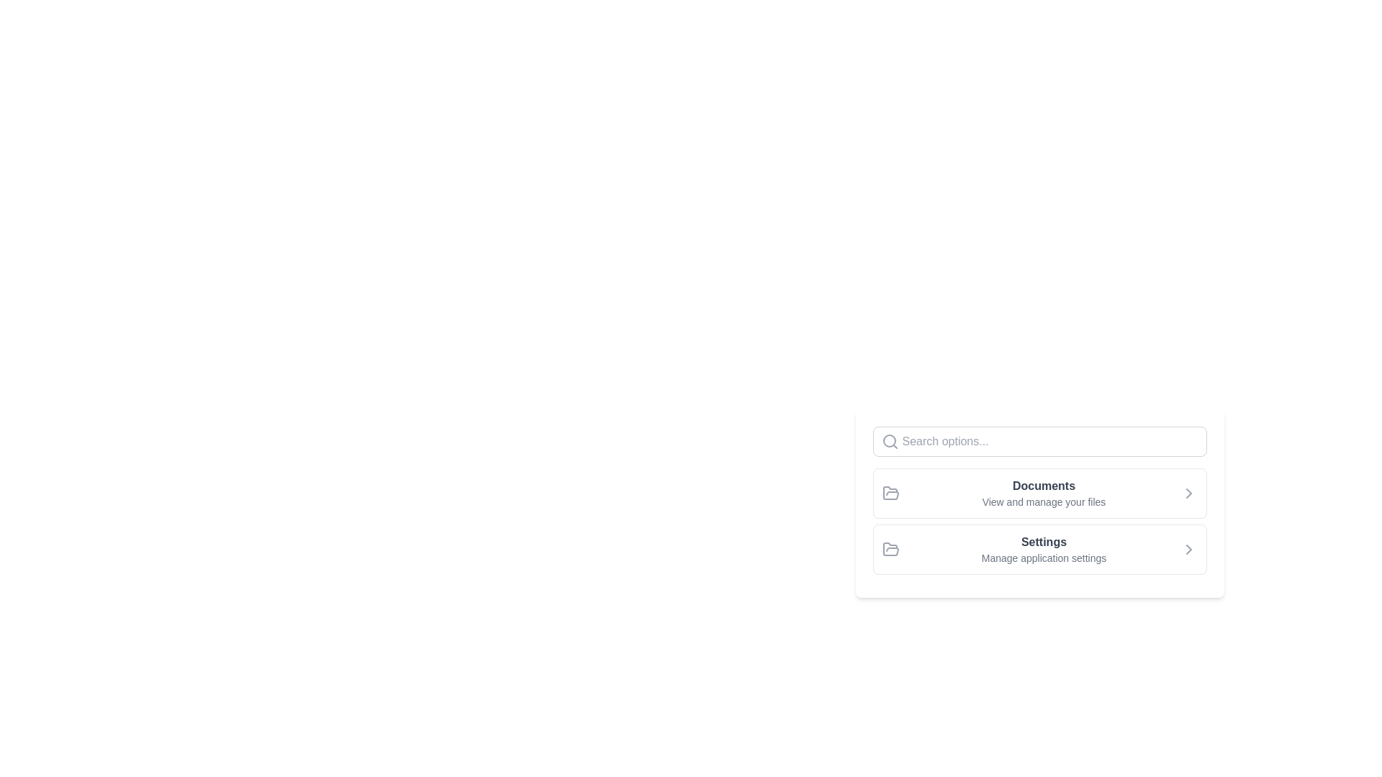 The width and height of the screenshot is (1382, 777). What do you see at coordinates (1188, 493) in the screenshot?
I see `the SVG chevron arrow icon located to the right of the 'Documents' text label in the vertical list layout` at bounding box center [1188, 493].